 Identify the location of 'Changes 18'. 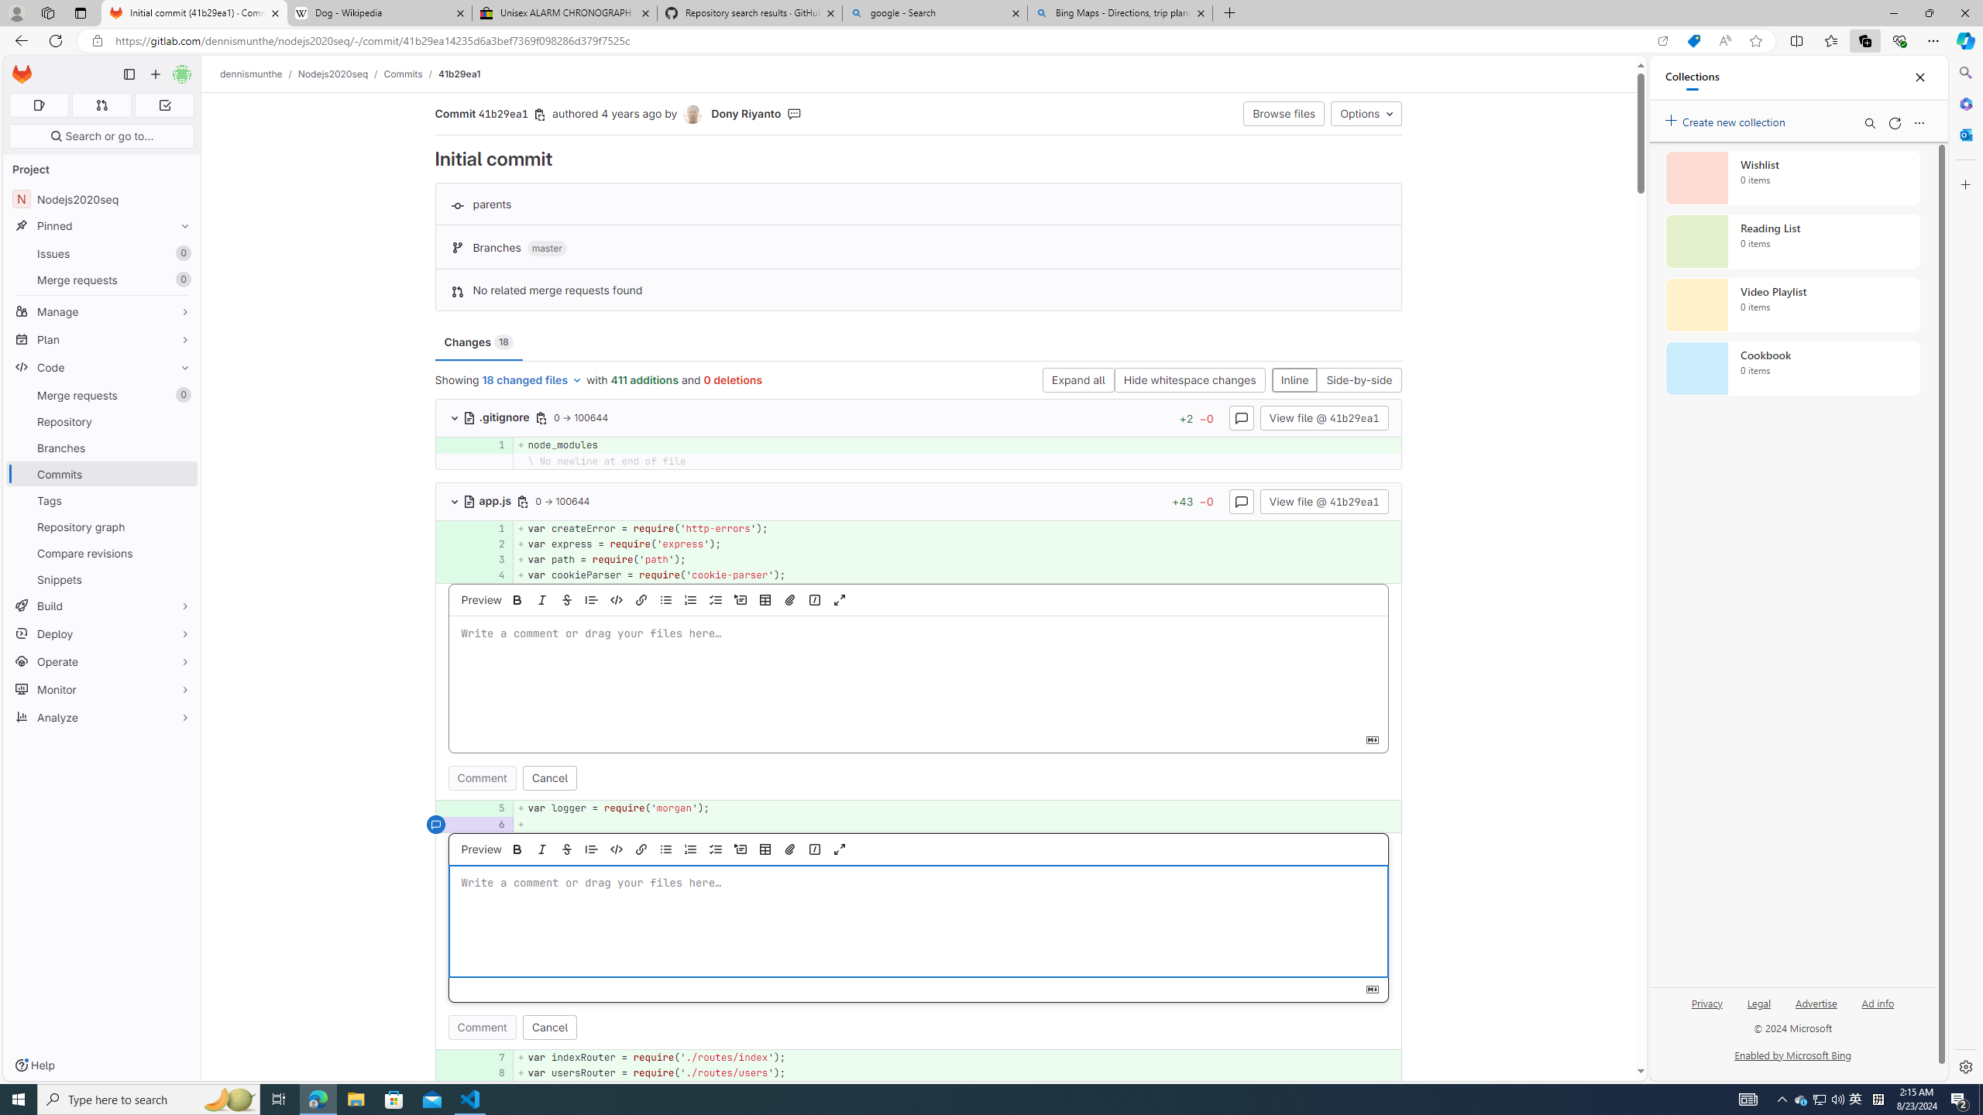
(478, 341).